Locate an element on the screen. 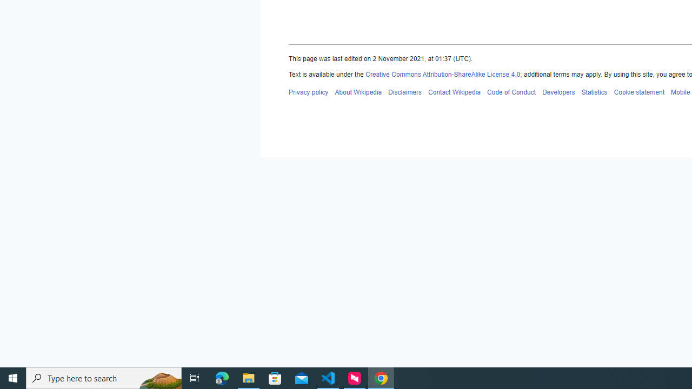 The image size is (692, 389). 'AutomationID: footer-places-about' is located at coordinates (358, 91).